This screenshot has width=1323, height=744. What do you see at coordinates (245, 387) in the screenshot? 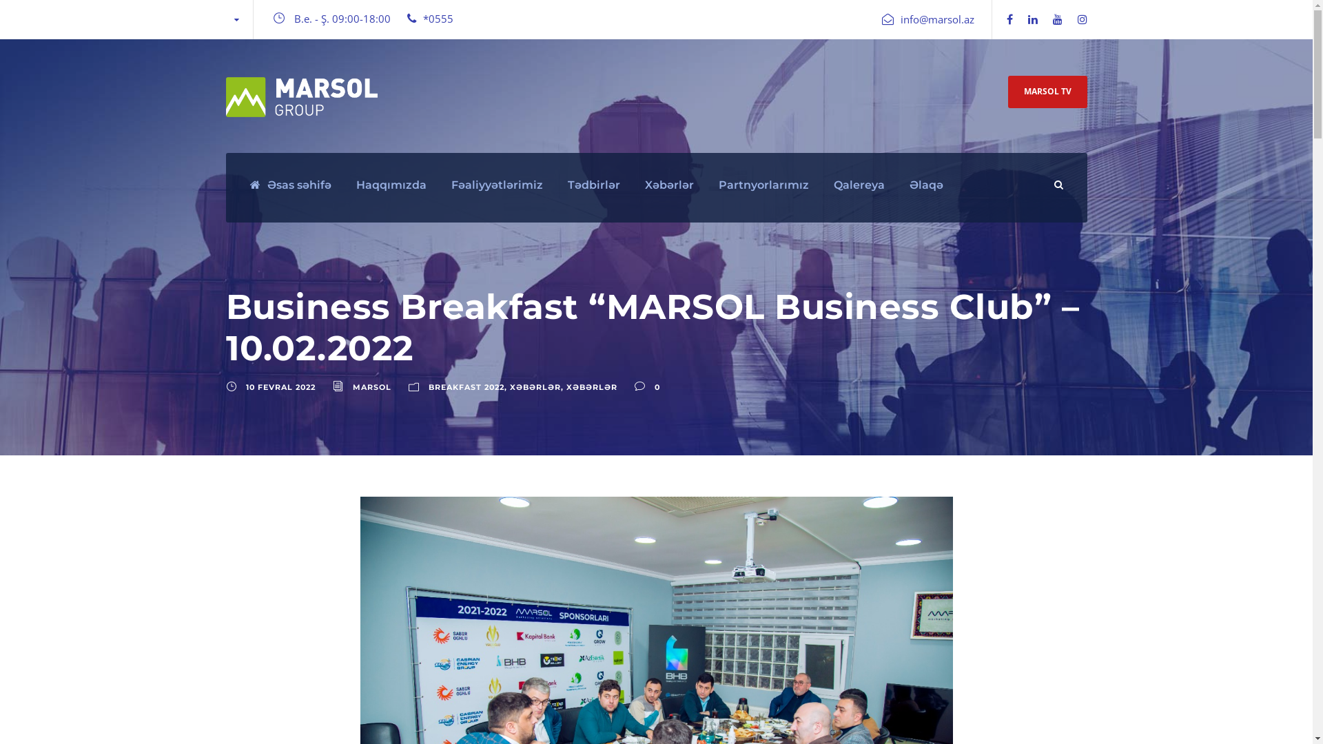
I see `'10 FEVRAL 2022'` at bounding box center [245, 387].